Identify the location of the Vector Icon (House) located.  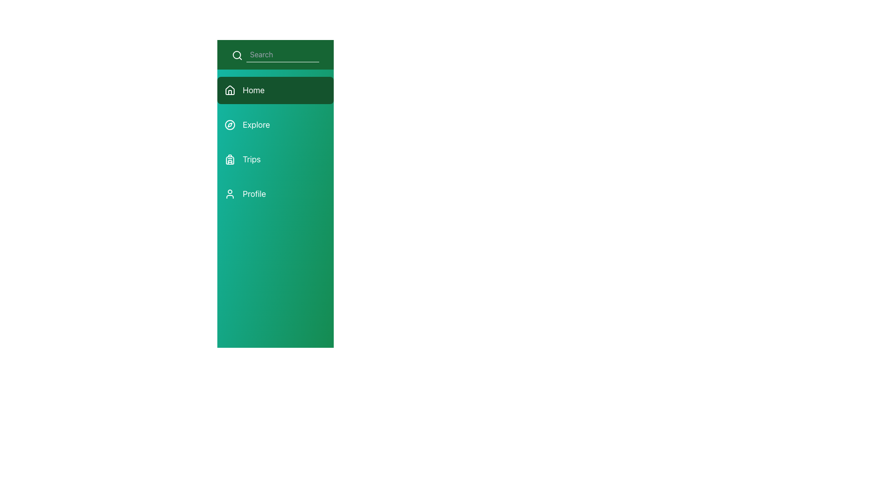
(230, 90).